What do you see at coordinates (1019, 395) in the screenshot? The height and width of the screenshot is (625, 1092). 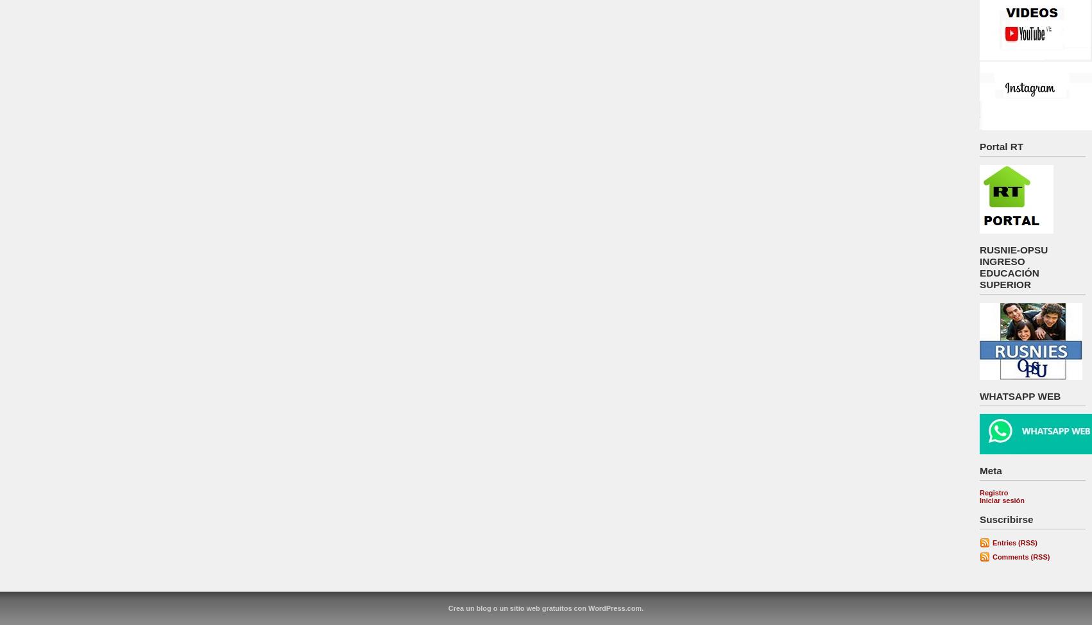 I see `'WHATSAPP WEB'` at bounding box center [1019, 395].